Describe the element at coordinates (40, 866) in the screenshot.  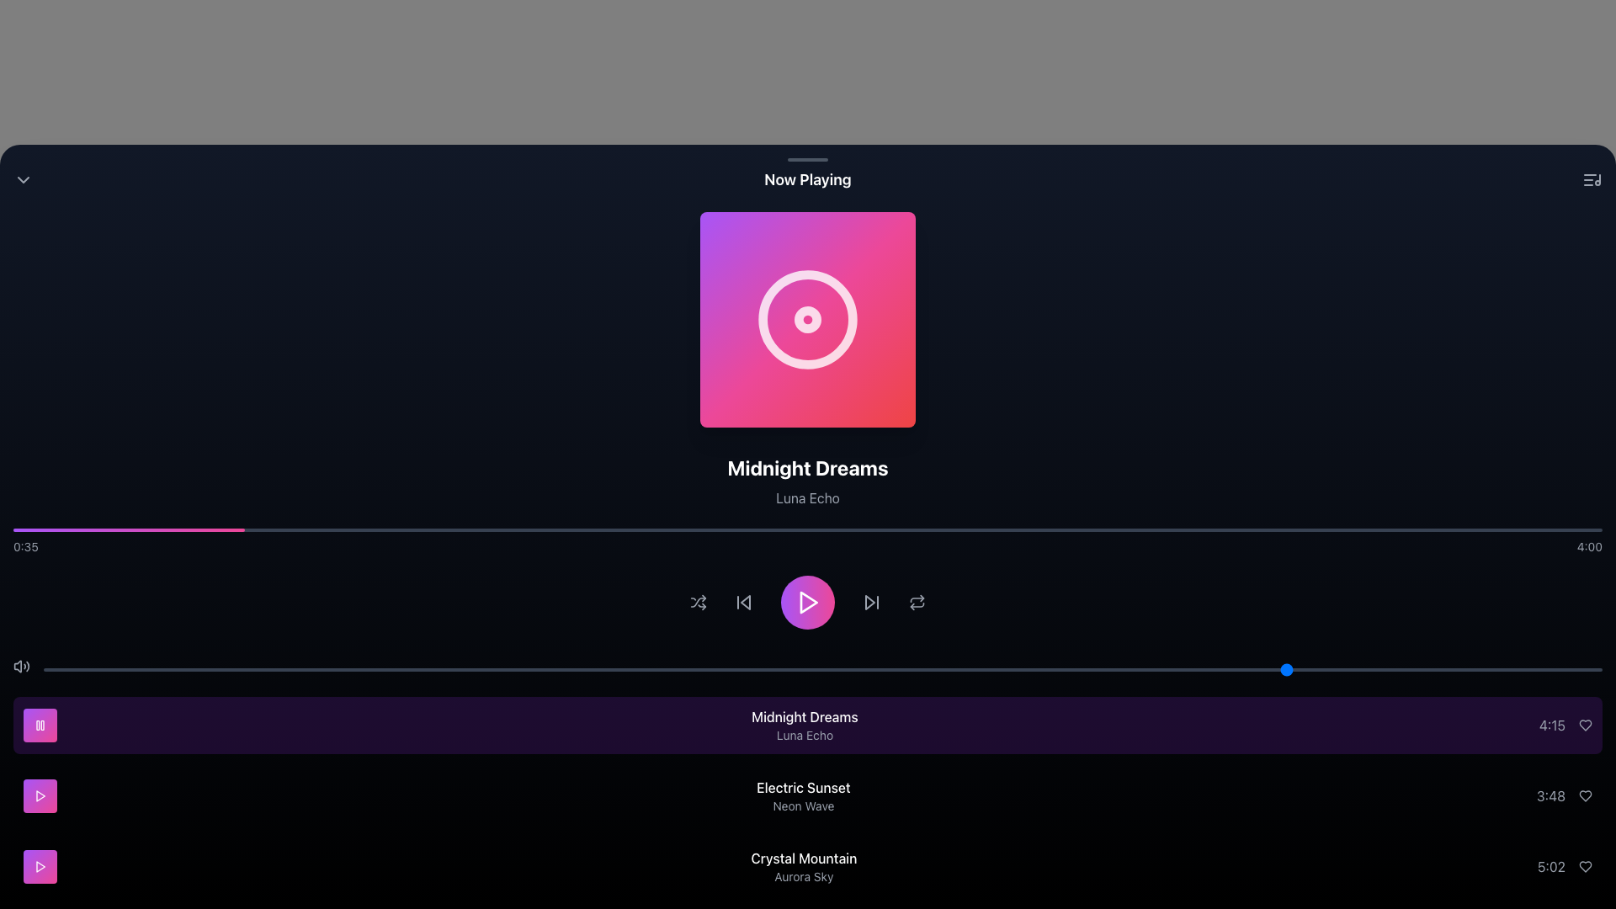
I see `the play button for the track 'Crystal Mountain - Aurora Sky' located at the bottom of the interface to receive possible feedback` at that location.